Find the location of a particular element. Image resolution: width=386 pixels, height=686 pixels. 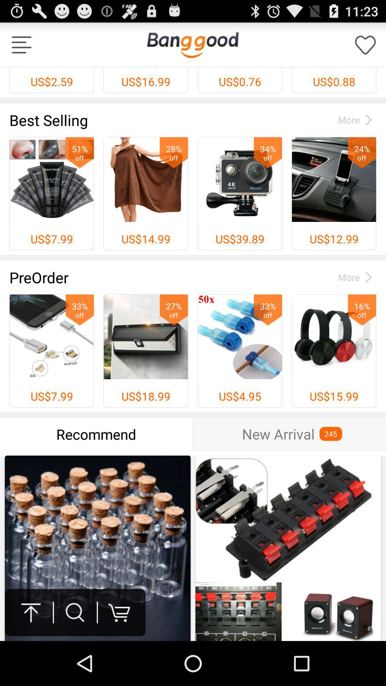

banggood home page is located at coordinates (192, 44).